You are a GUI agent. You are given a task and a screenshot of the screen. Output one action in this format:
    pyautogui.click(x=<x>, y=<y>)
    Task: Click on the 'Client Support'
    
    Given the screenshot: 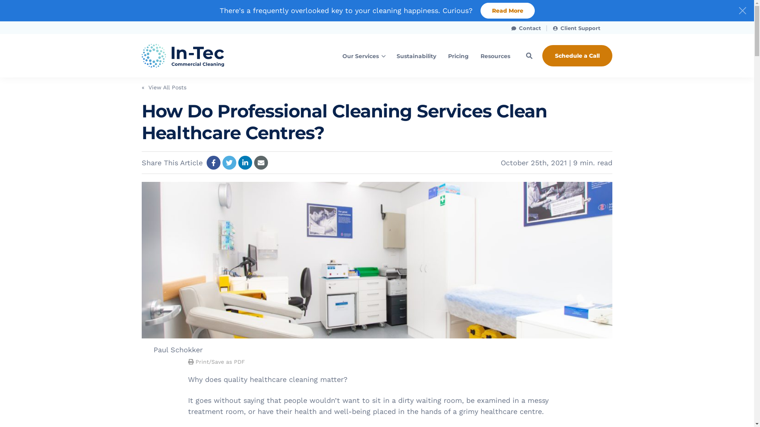 What is the action you would take?
    pyautogui.click(x=547, y=27)
    